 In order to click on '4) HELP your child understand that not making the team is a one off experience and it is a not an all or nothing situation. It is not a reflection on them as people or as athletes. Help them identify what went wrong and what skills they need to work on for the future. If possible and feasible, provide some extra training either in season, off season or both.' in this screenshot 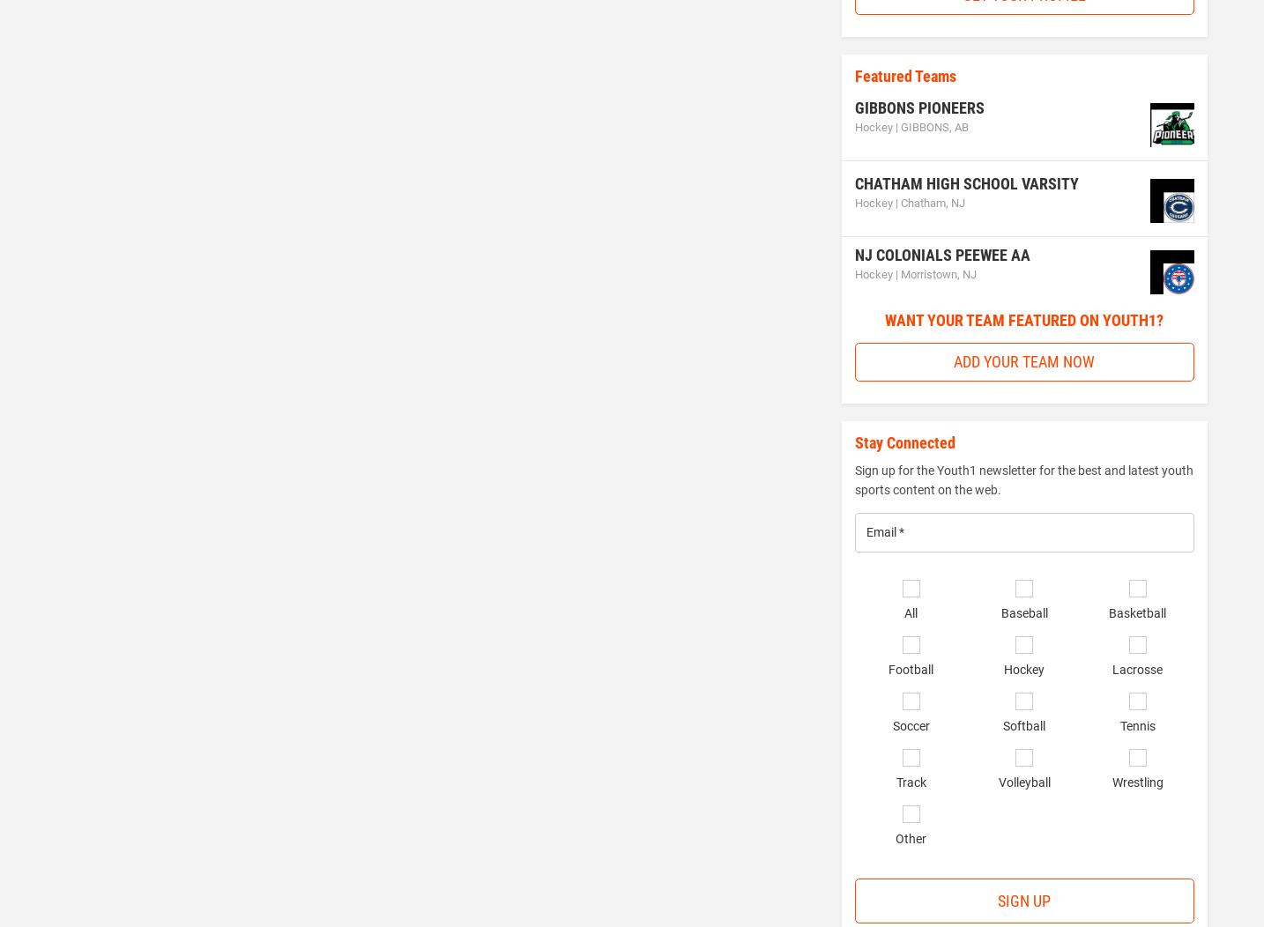, I will do `click(73, 717)`.